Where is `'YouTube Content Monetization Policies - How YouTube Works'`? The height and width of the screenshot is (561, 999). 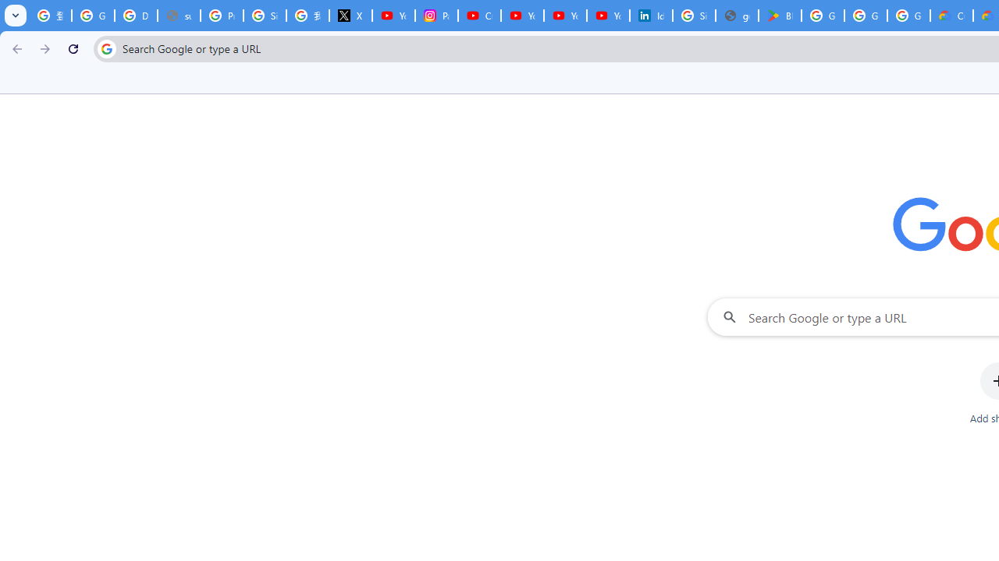
'YouTube Content Monetization Policies - How YouTube Works' is located at coordinates (393, 16).